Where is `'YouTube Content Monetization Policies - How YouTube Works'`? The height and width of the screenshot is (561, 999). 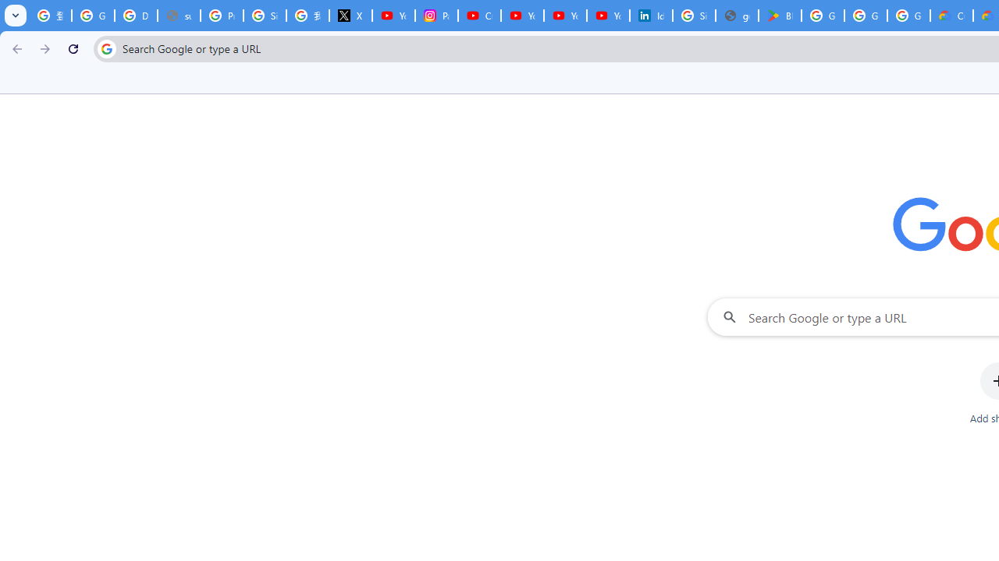
'YouTube Content Monetization Policies - How YouTube Works' is located at coordinates (393, 16).